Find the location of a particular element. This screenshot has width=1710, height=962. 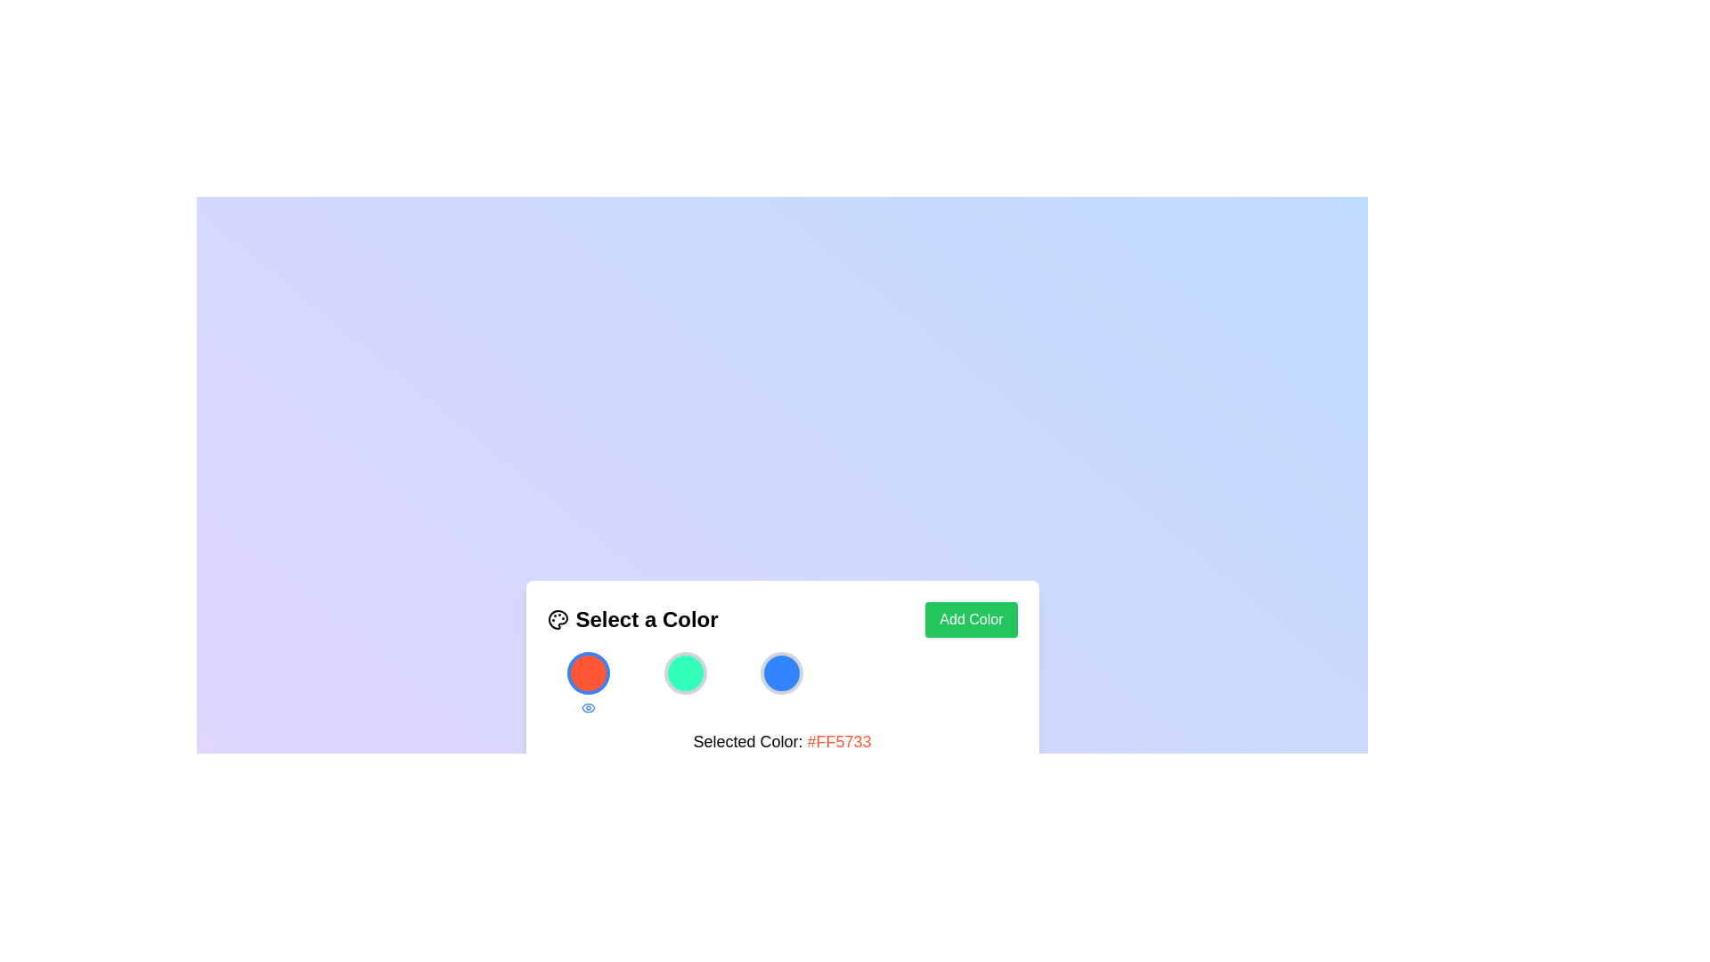

the middle selectable circular button in the color selection component is located at coordinates (684, 673).